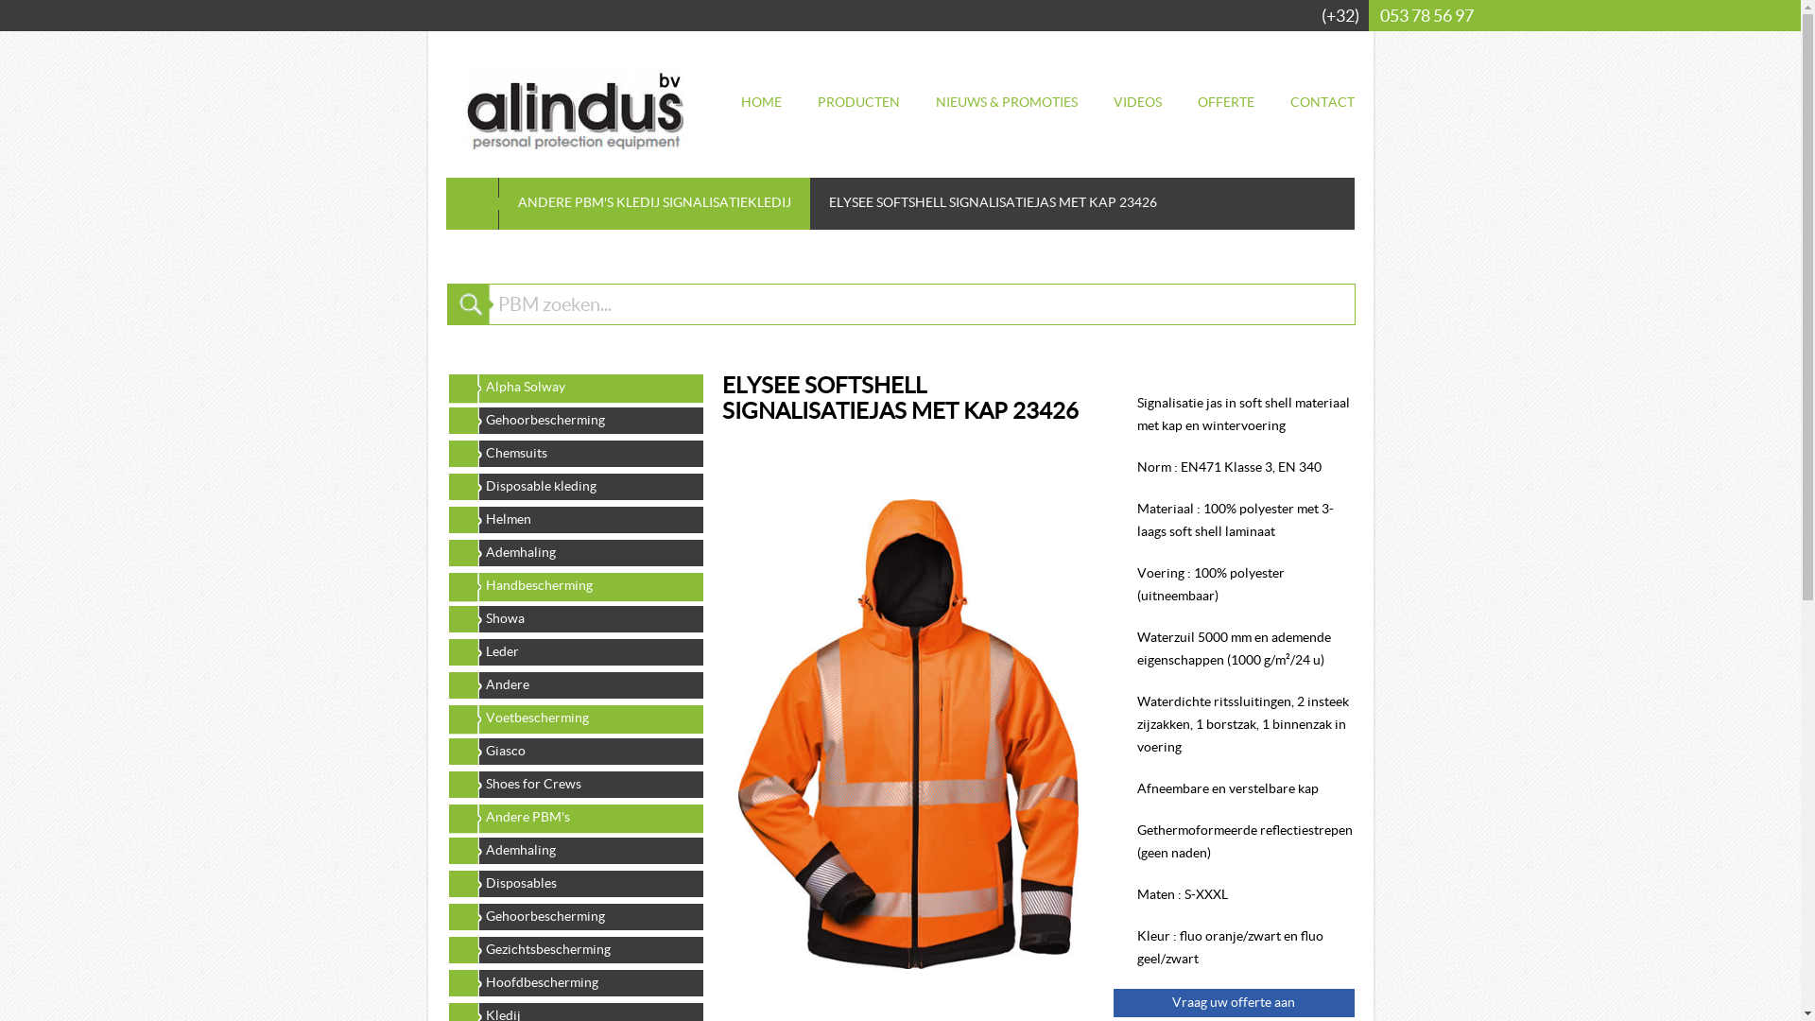  Describe the element at coordinates (1234, 1001) in the screenshot. I see `'Vraag uw offerte aan'` at that location.